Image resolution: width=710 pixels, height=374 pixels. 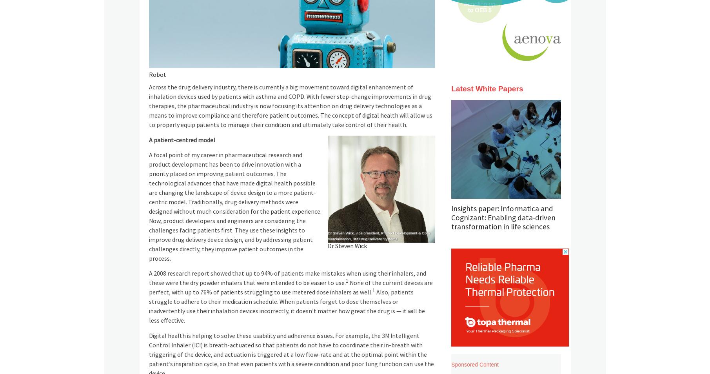 I want to click on 'Dr Steven Wick', so click(x=327, y=246).